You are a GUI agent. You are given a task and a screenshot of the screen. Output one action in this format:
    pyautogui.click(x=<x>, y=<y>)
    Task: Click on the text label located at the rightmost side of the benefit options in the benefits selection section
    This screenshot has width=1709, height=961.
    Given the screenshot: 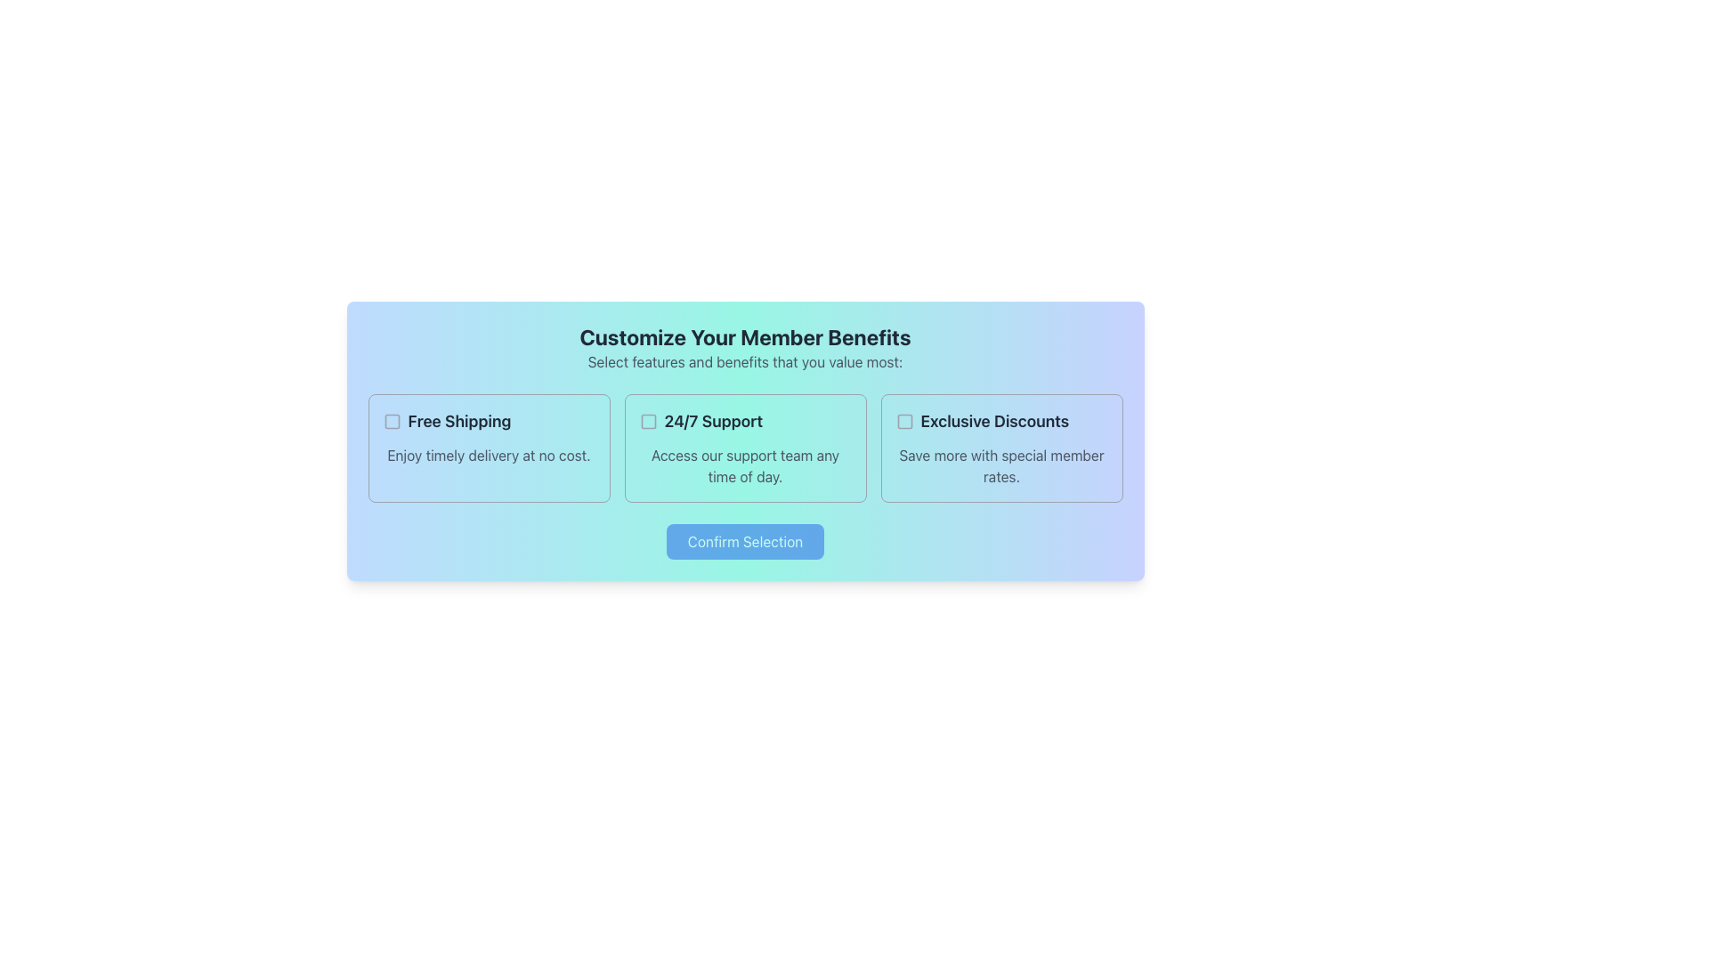 What is the action you would take?
    pyautogui.click(x=993, y=422)
    